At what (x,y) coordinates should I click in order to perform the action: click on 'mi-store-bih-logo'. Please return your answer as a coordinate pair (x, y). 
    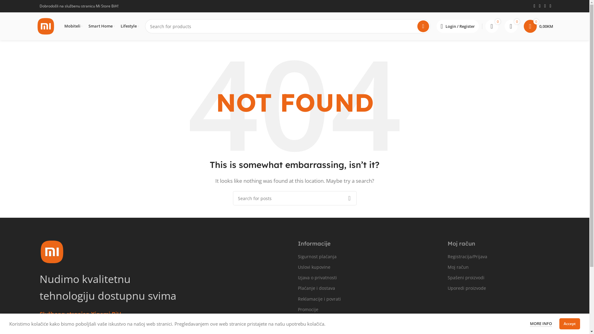
    Looking at the image, I should click on (52, 251).